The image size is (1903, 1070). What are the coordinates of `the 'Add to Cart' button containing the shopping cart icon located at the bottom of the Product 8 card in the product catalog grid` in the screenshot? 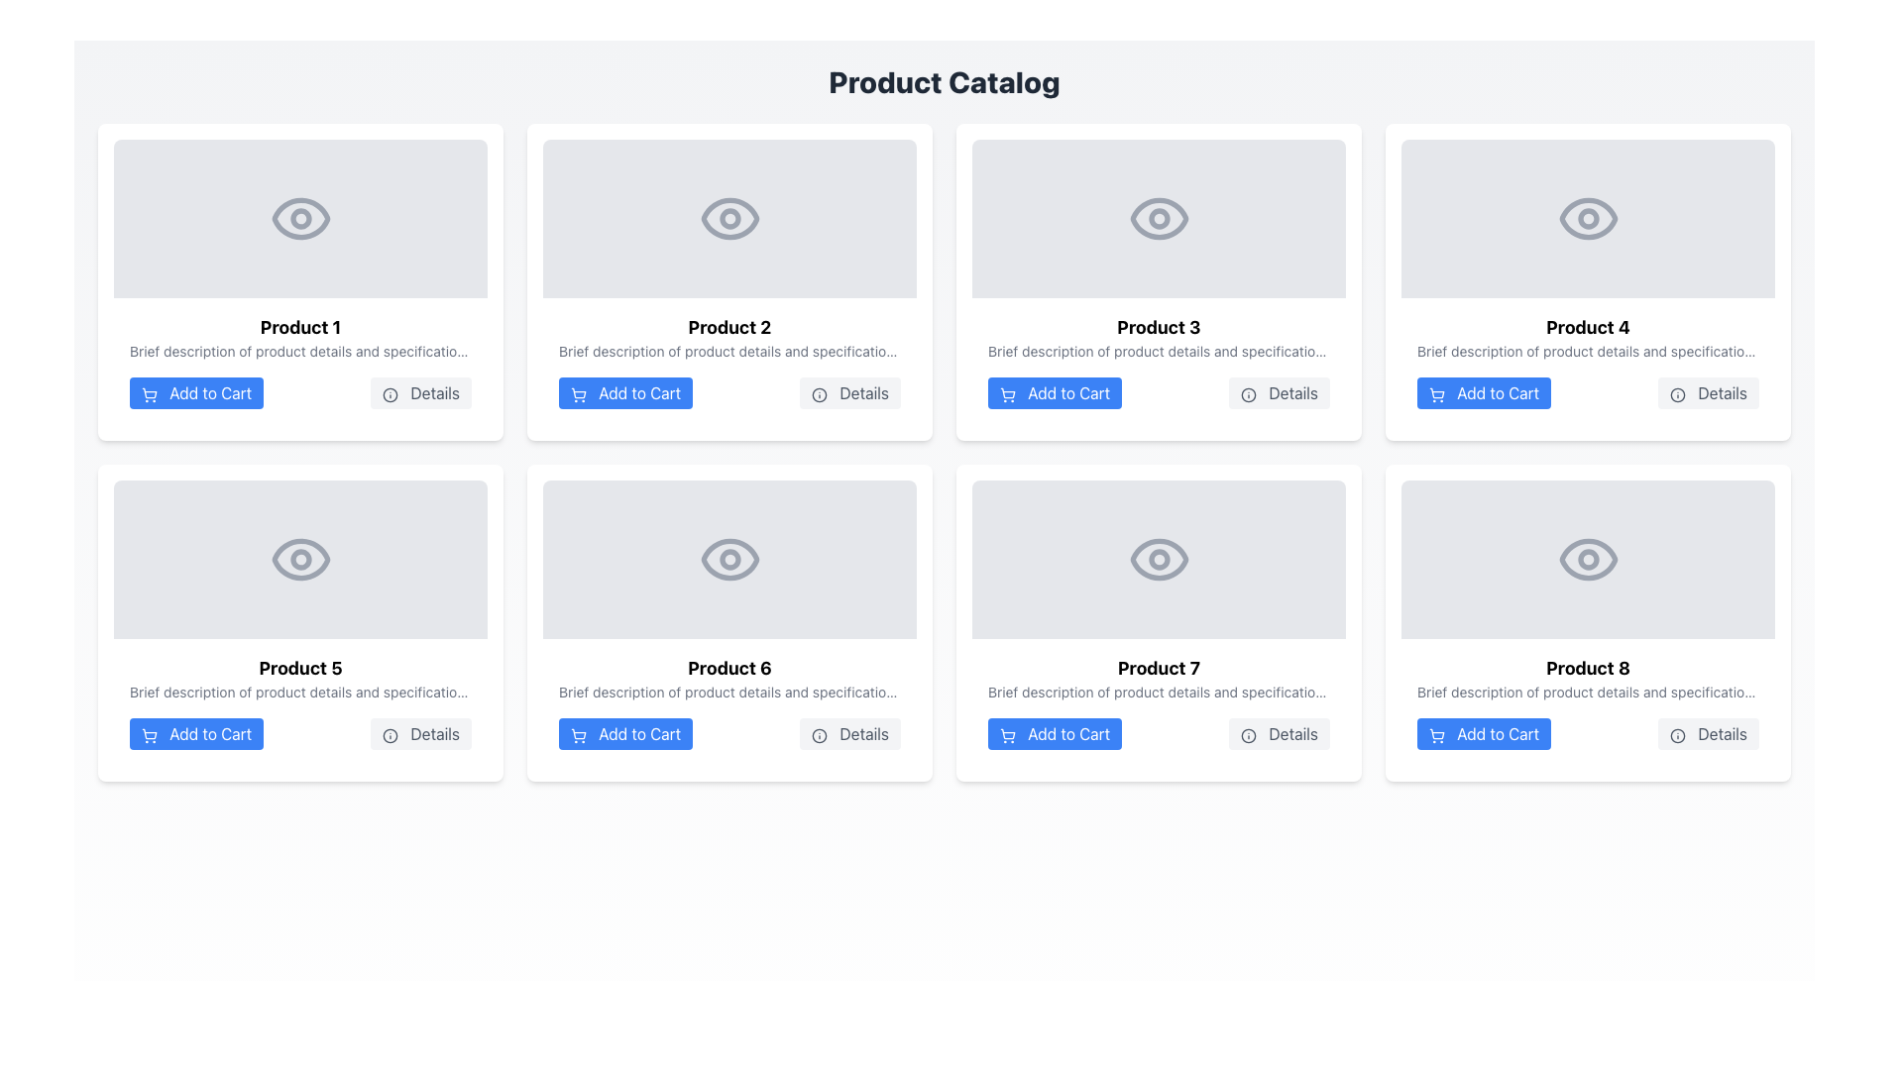 It's located at (1436, 734).